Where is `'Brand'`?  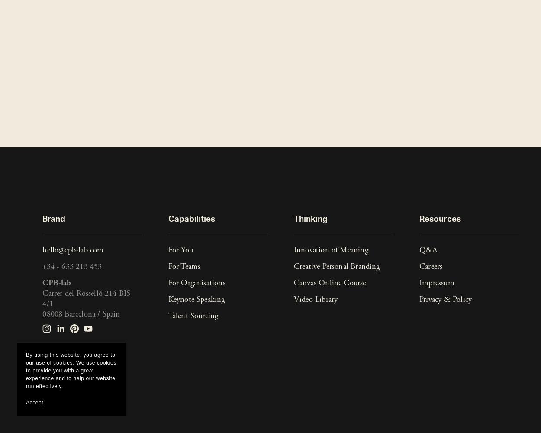
'Brand' is located at coordinates (53, 219).